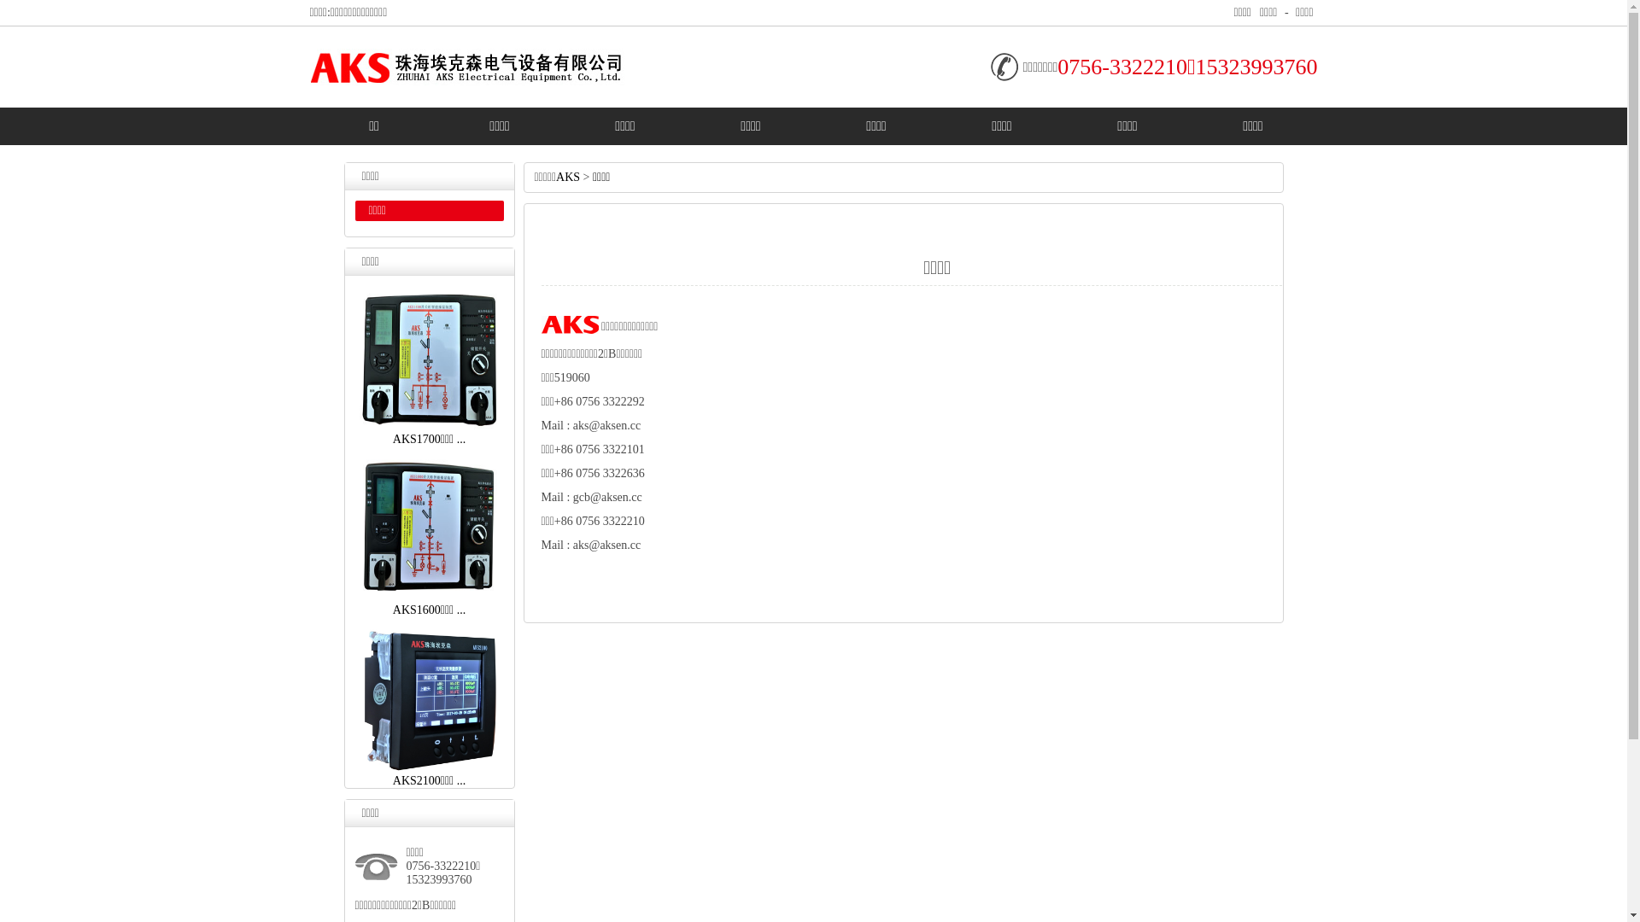 The height and width of the screenshot is (922, 1640). Describe the element at coordinates (568, 177) in the screenshot. I see `'AKS'` at that location.